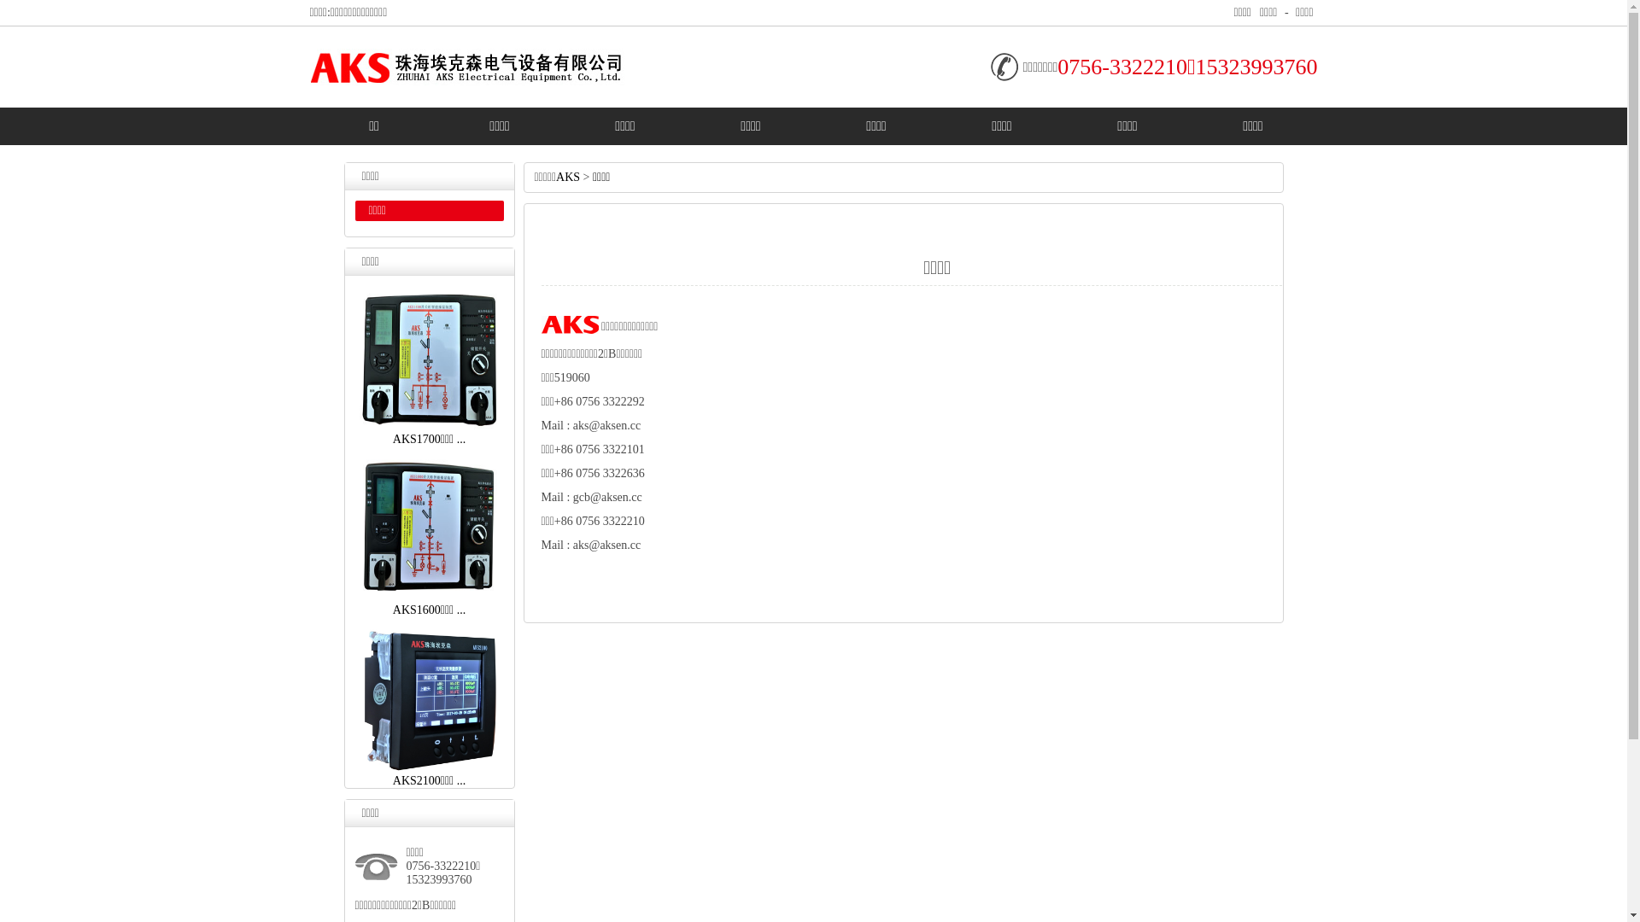 The height and width of the screenshot is (922, 1640). Describe the element at coordinates (568, 177) in the screenshot. I see `'AKS'` at that location.